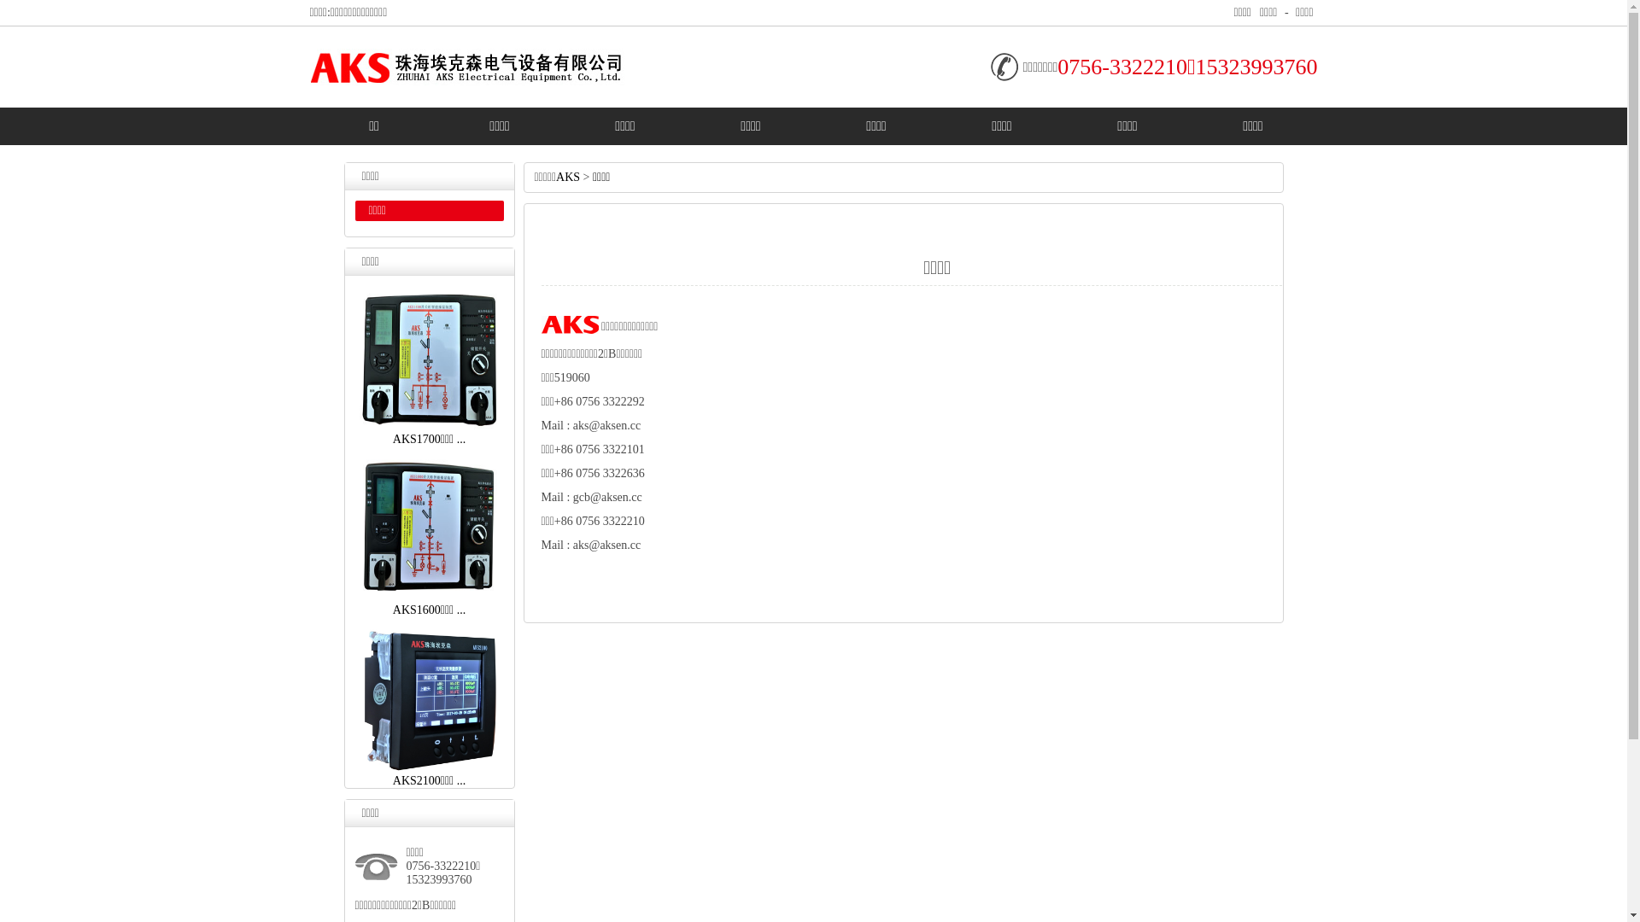 The height and width of the screenshot is (922, 1640). Describe the element at coordinates (568, 177) in the screenshot. I see `'AKS'` at that location.